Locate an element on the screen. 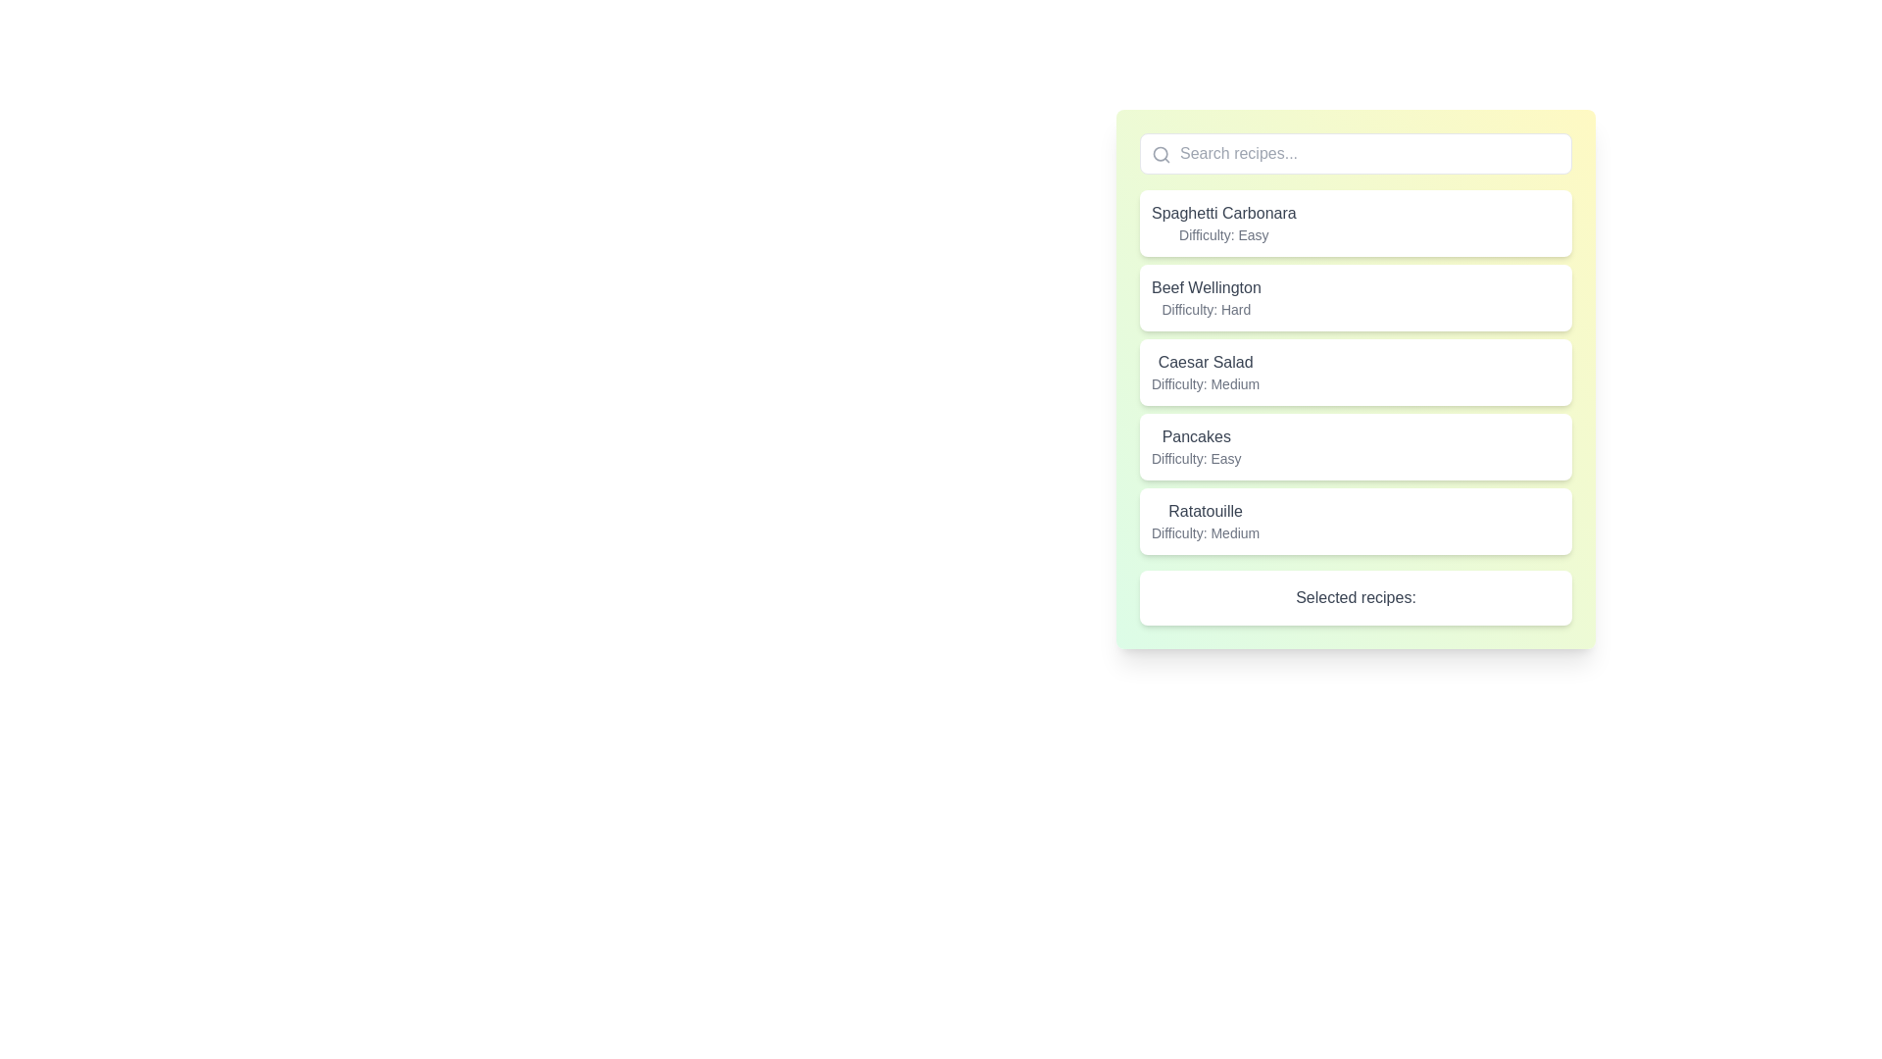  the recipe list item for 'Caesar Salad', the third entry is located at coordinates (1355, 373).